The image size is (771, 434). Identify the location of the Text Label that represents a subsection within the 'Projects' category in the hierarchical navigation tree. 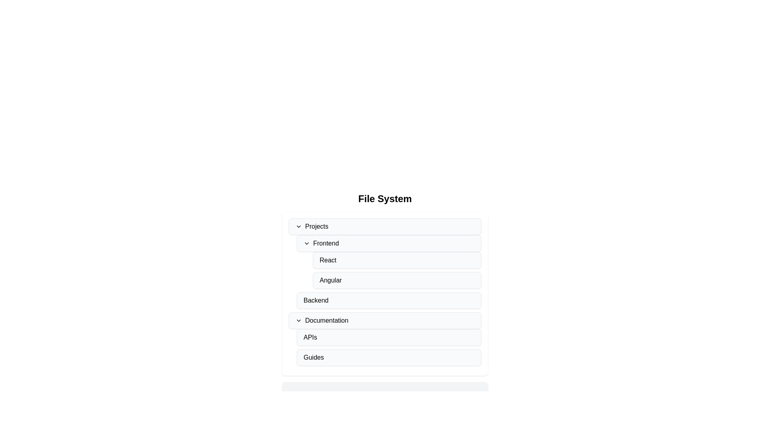
(326, 243).